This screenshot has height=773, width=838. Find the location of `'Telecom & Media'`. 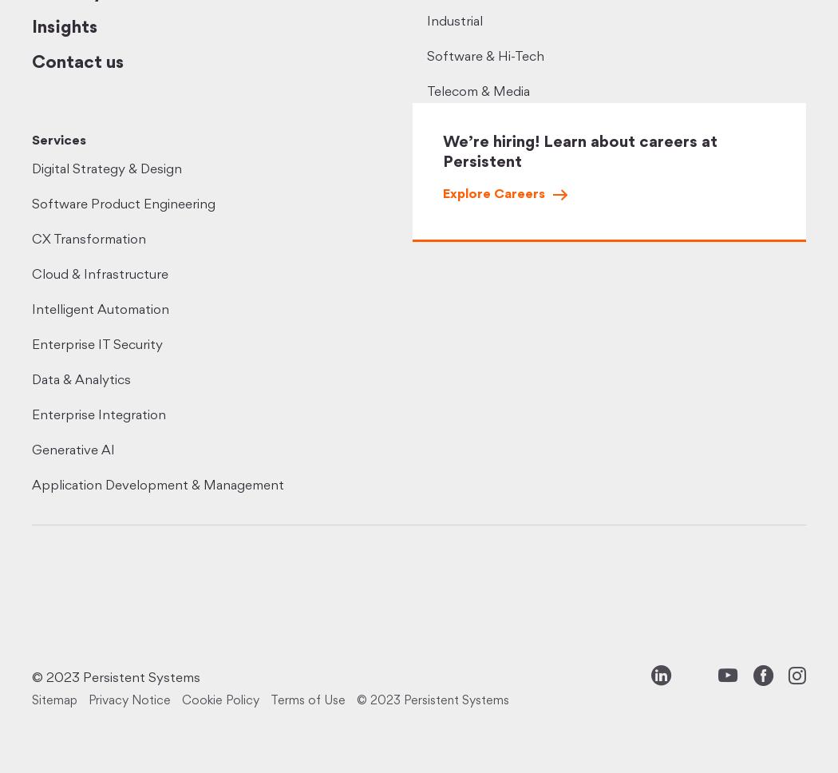

'Telecom & Media' is located at coordinates (477, 92).